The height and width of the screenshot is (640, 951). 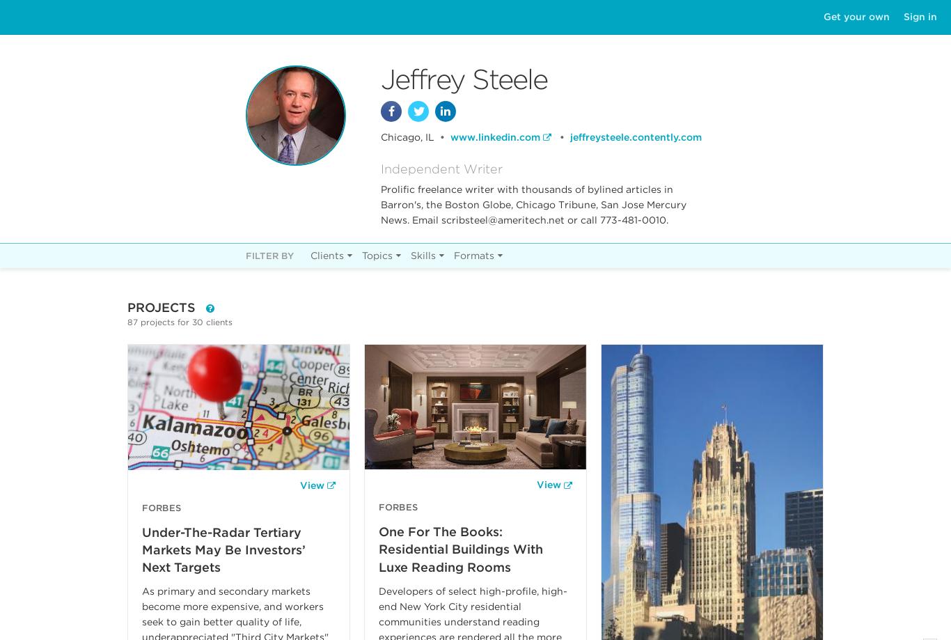 What do you see at coordinates (223, 549) in the screenshot?
I see `'Under-The-Radar Tertiary Markets May Be Investors’ Next Targets'` at bounding box center [223, 549].